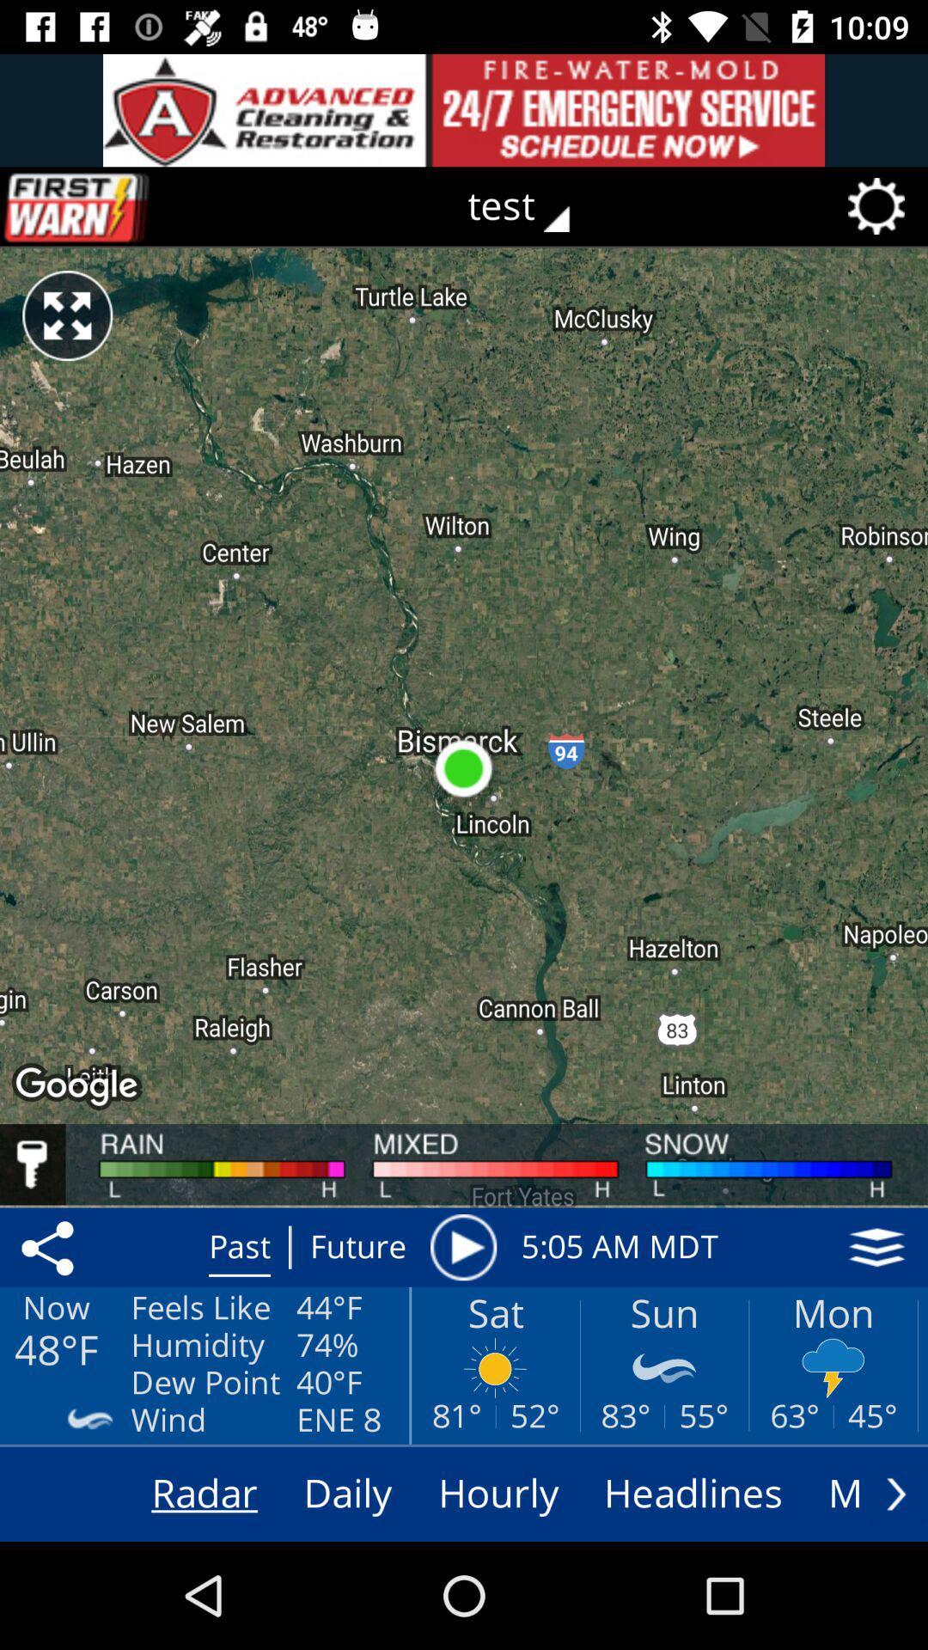  Describe the element at coordinates (462, 1247) in the screenshot. I see `video` at that location.